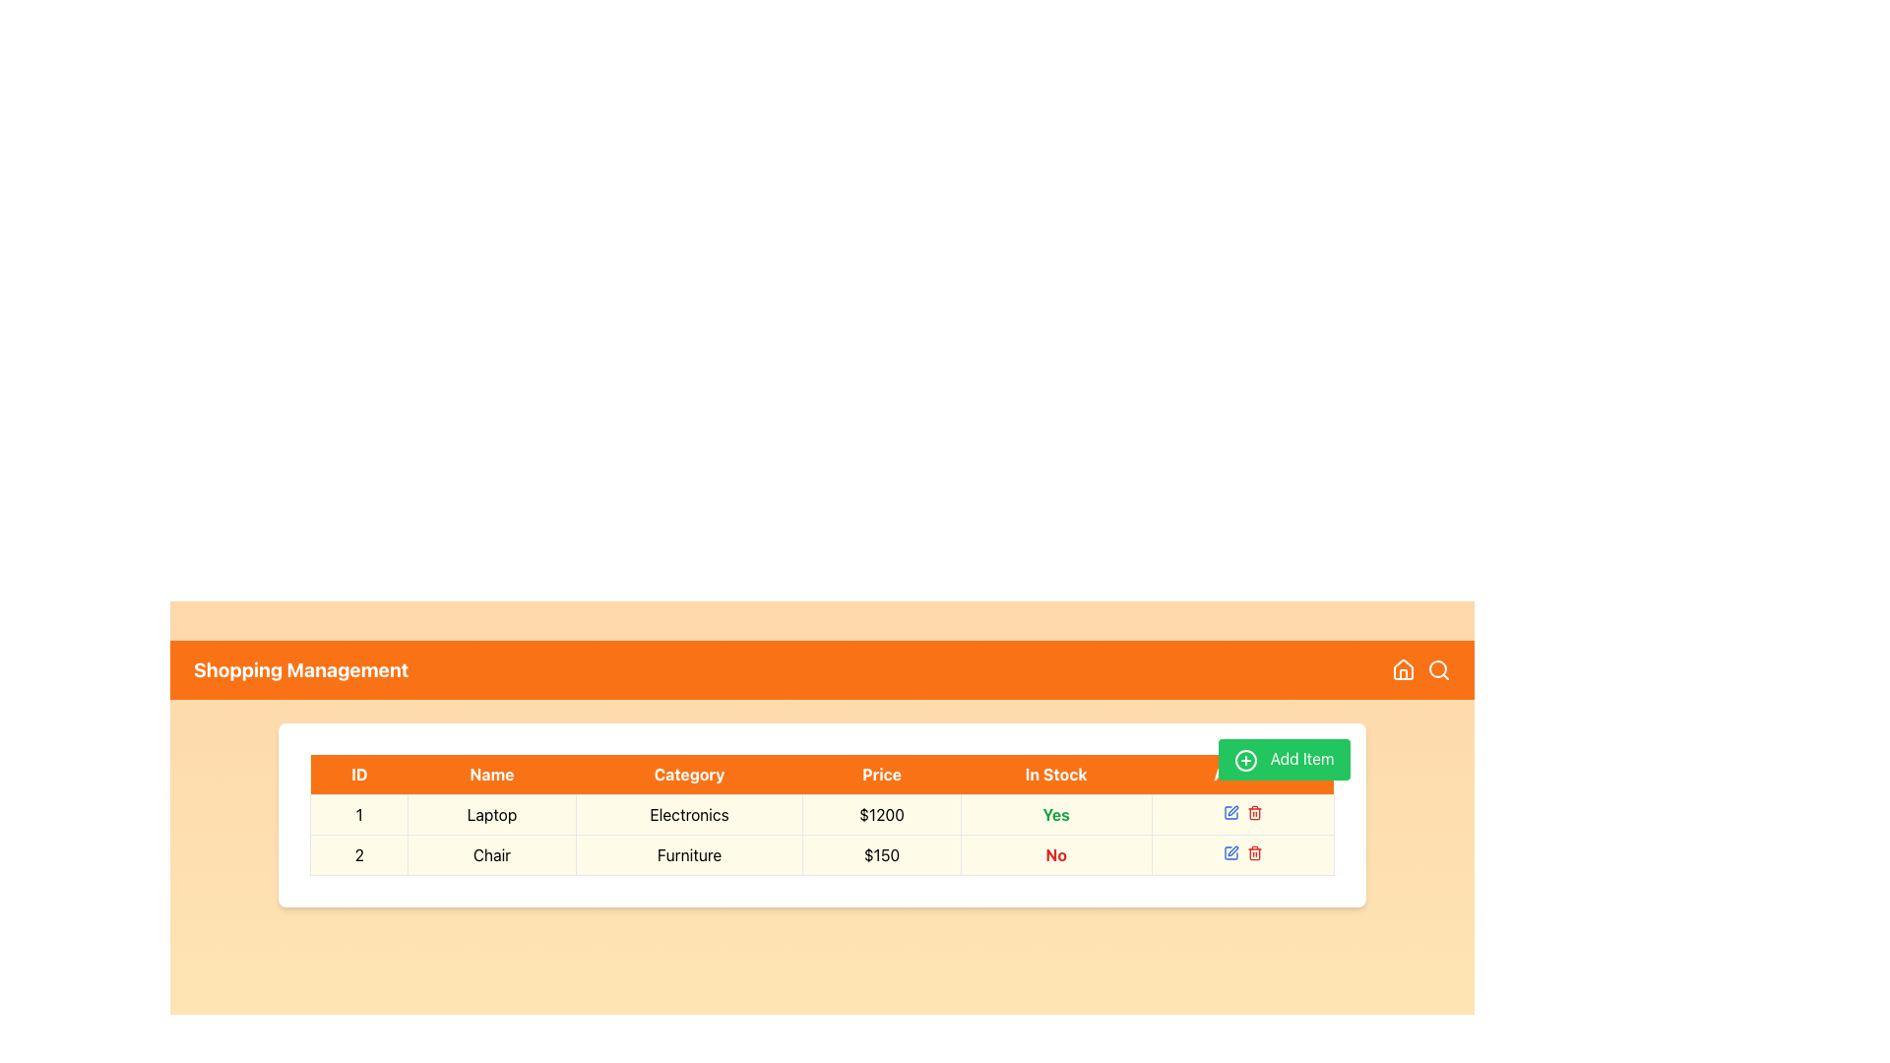 Image resolution: width=1890 pixels, height=1063 pixels. Describe the element at coordinates (1437, 667) in the screenshot. I see `the orange-red filled circular SVG element that is centered within the magnifying glass icon, located at the rightmost position in the orange header bar` at that location.